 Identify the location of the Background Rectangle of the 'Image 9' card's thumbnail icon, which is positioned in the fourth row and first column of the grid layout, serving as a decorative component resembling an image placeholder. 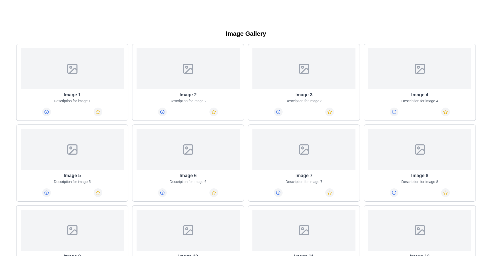
(188, 230).